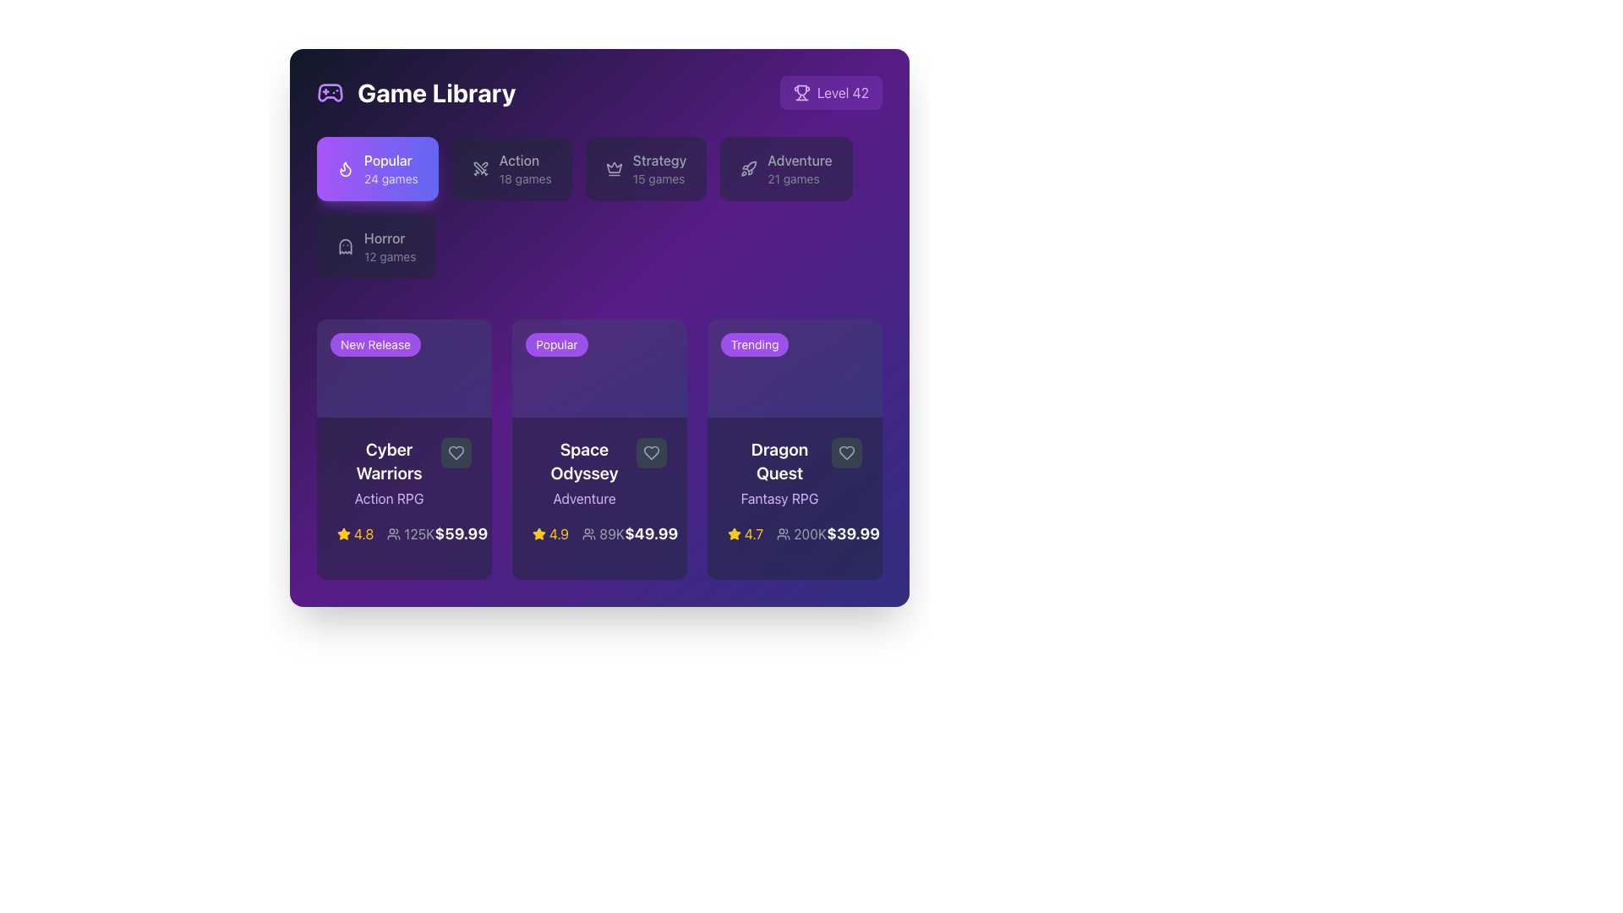 Image resolution: width=1623 pixels, height=913 pixels. Describe the element at coordinates (658, 169) in the screenshot. I see `the button containing the text label that reads 'Strategy' in bold and '15 games' in a smaller font, styled with grayish-white text on a dark purple background` at that location.